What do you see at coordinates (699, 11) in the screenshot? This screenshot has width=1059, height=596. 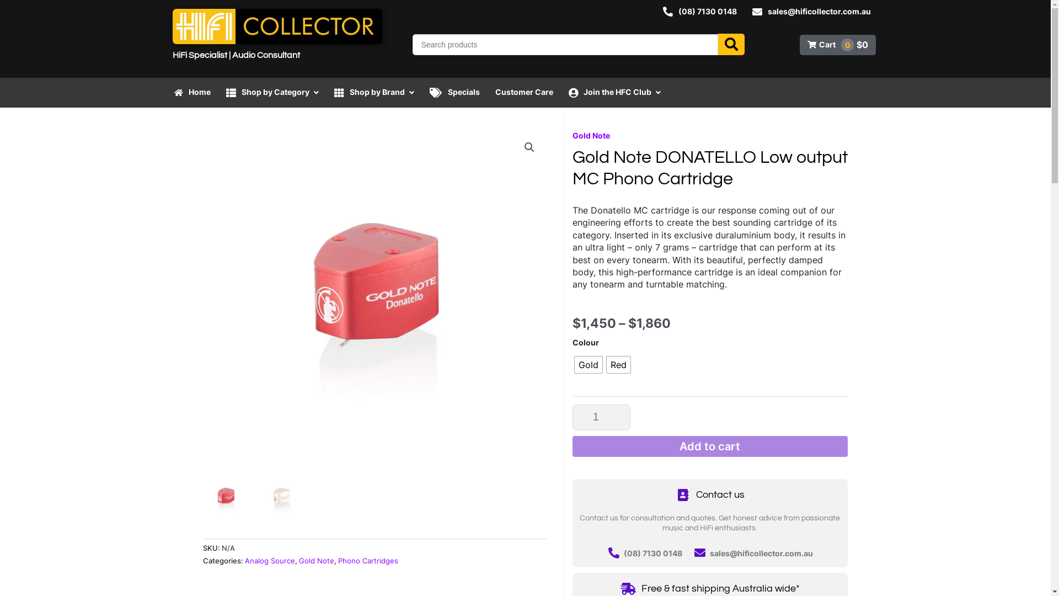 I see `'(08) 7130 0148'` at bounding box center [699, 11].